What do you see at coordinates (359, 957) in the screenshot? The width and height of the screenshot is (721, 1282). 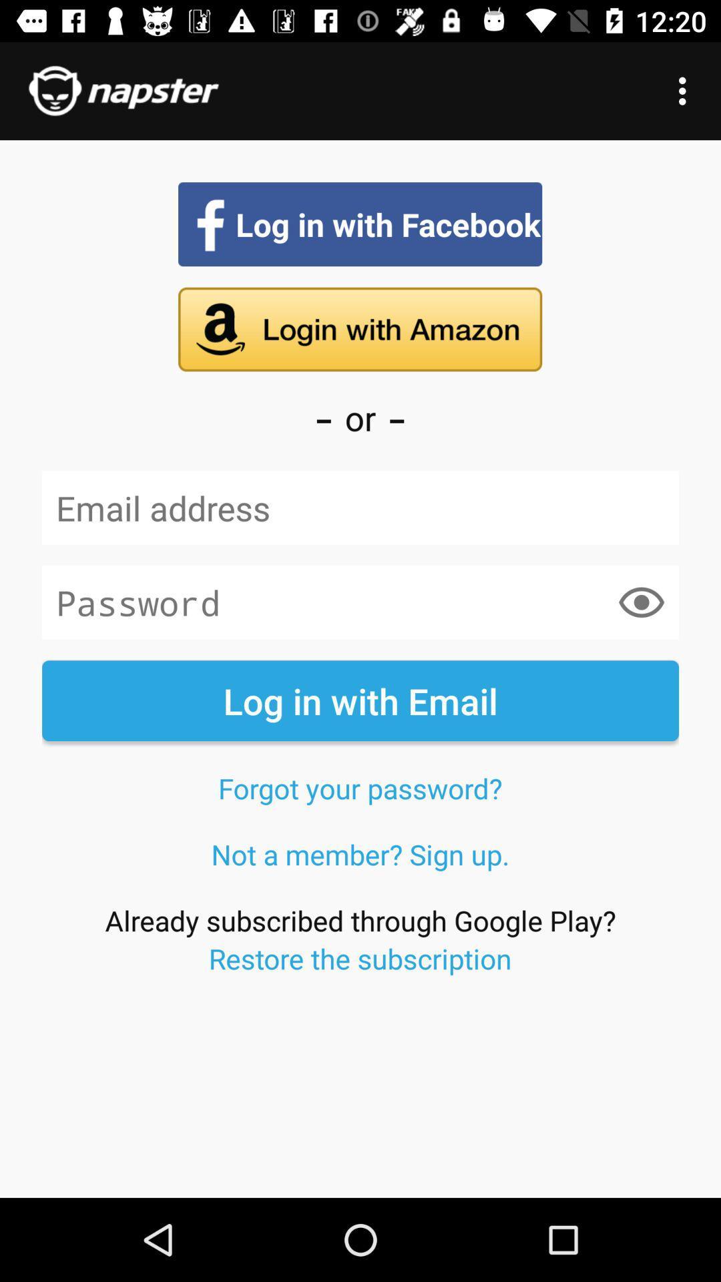 I see `restore the subscription` at bounding box center [359, 957].